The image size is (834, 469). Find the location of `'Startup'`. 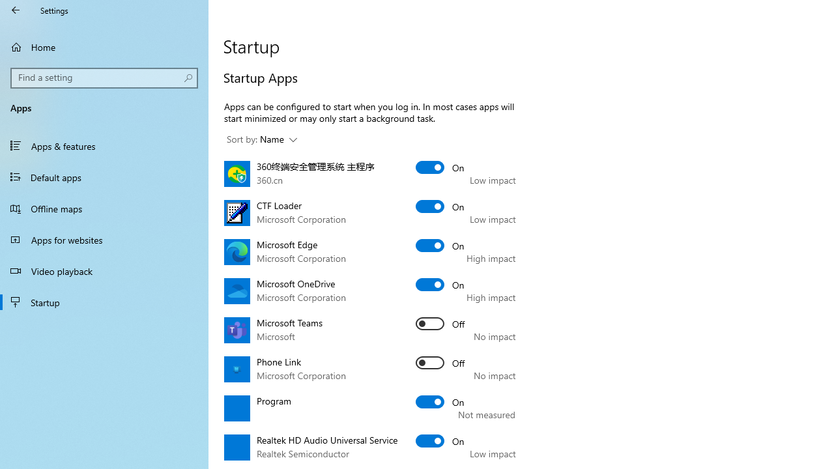

'Startup' is located at coordinates (104, 302).